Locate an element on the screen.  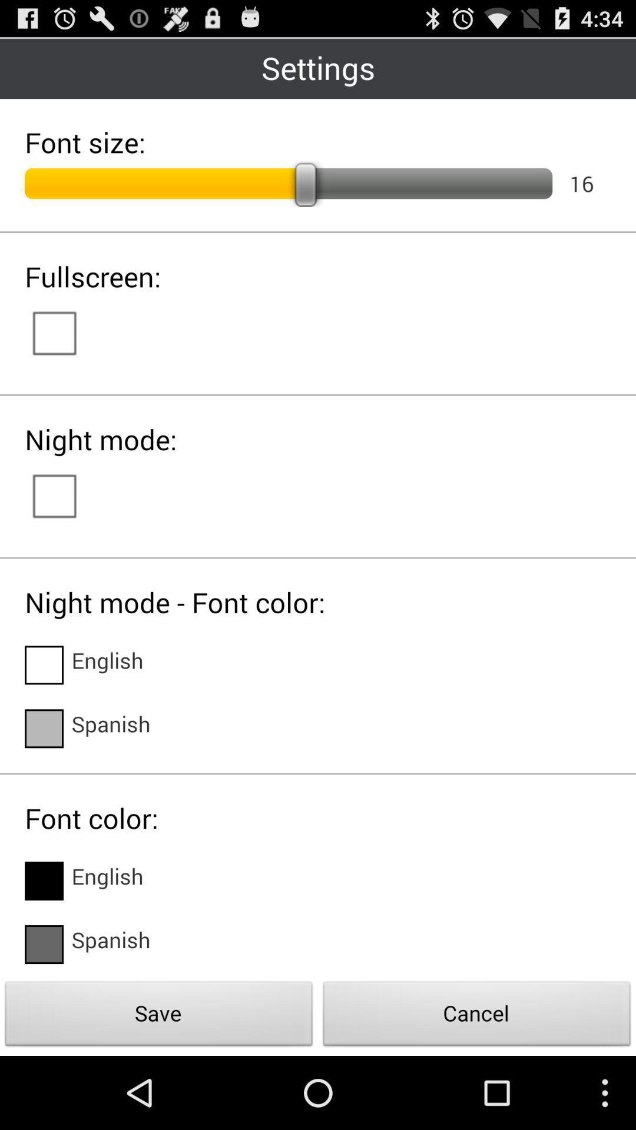
english language is located at coordinates (43, 665).